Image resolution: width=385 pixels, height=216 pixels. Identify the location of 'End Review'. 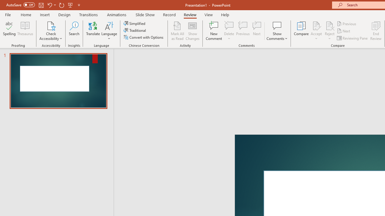
(375, 31).